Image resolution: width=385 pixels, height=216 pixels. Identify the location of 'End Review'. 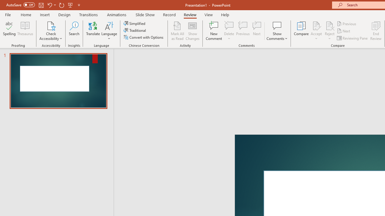
(375, 31).